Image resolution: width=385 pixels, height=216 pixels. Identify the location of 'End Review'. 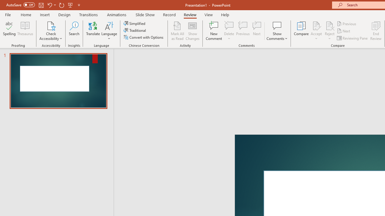
(375, 31).